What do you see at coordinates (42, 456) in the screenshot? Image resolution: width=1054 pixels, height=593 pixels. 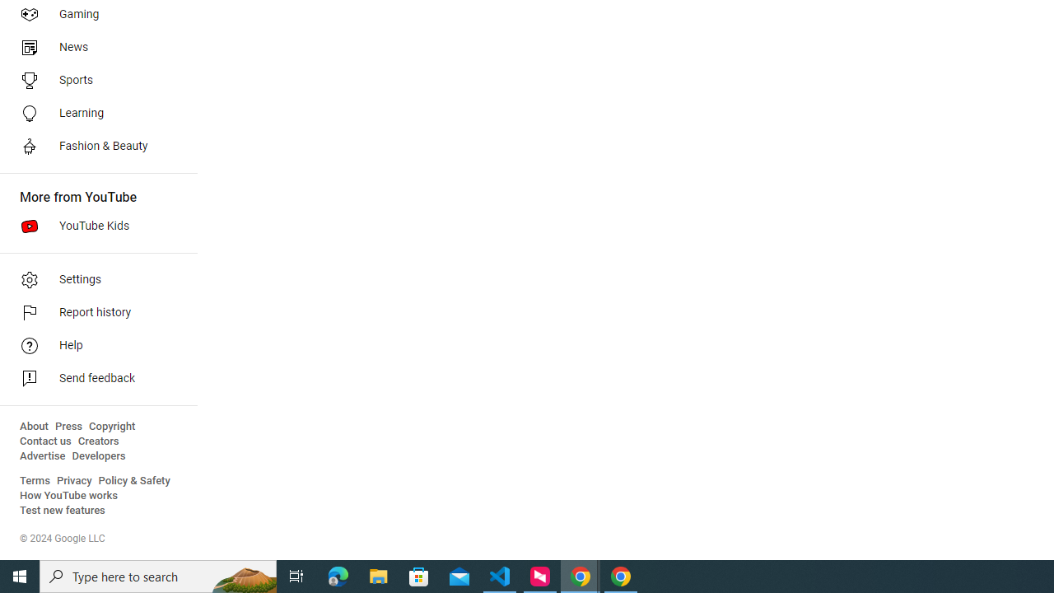 I see `'Advertise'` at bounding box center [42, 456].